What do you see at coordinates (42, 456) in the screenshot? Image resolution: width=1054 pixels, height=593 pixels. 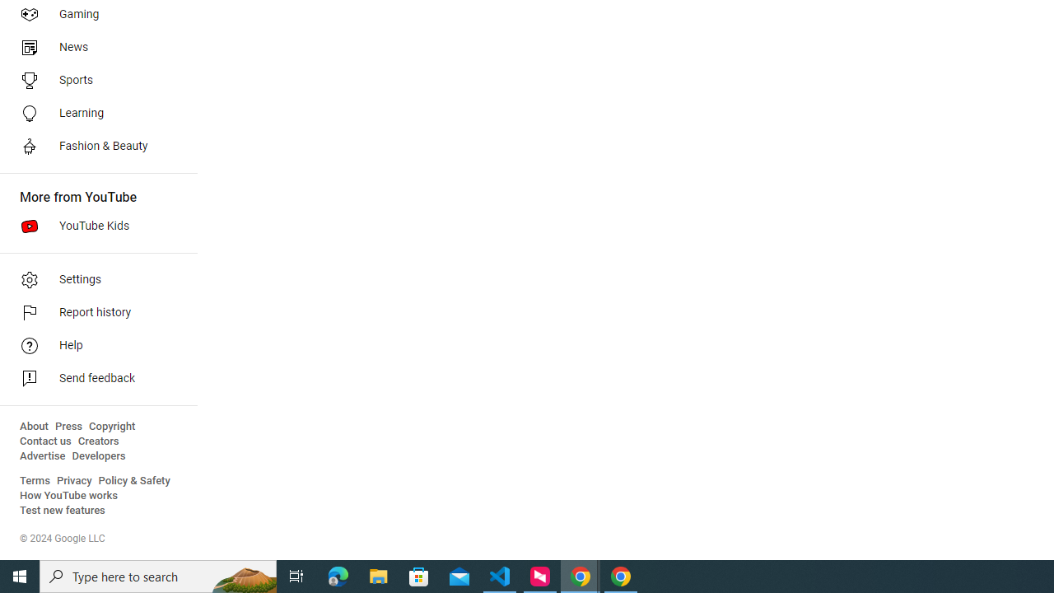 I see `'Advertise'` at bounding box center [42, 456].